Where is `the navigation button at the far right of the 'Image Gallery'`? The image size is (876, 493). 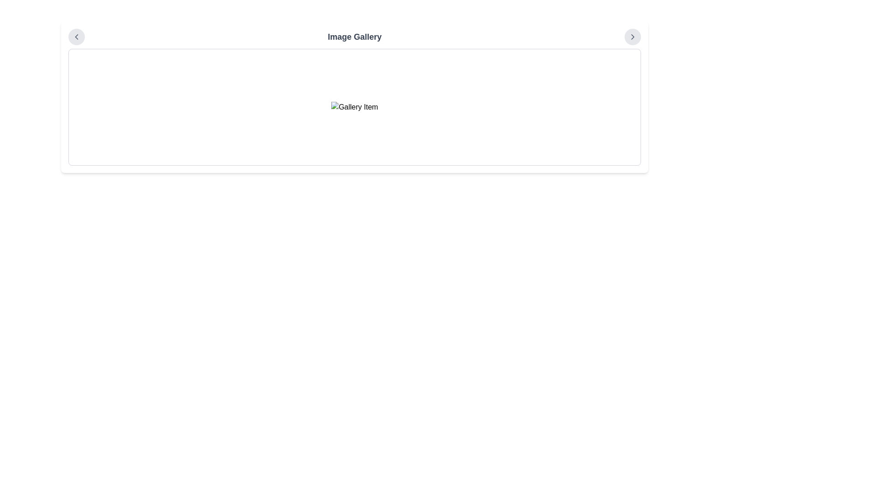
the navigation button at the far right of the 'Image Gallery' is located at coordinates (632, 37).